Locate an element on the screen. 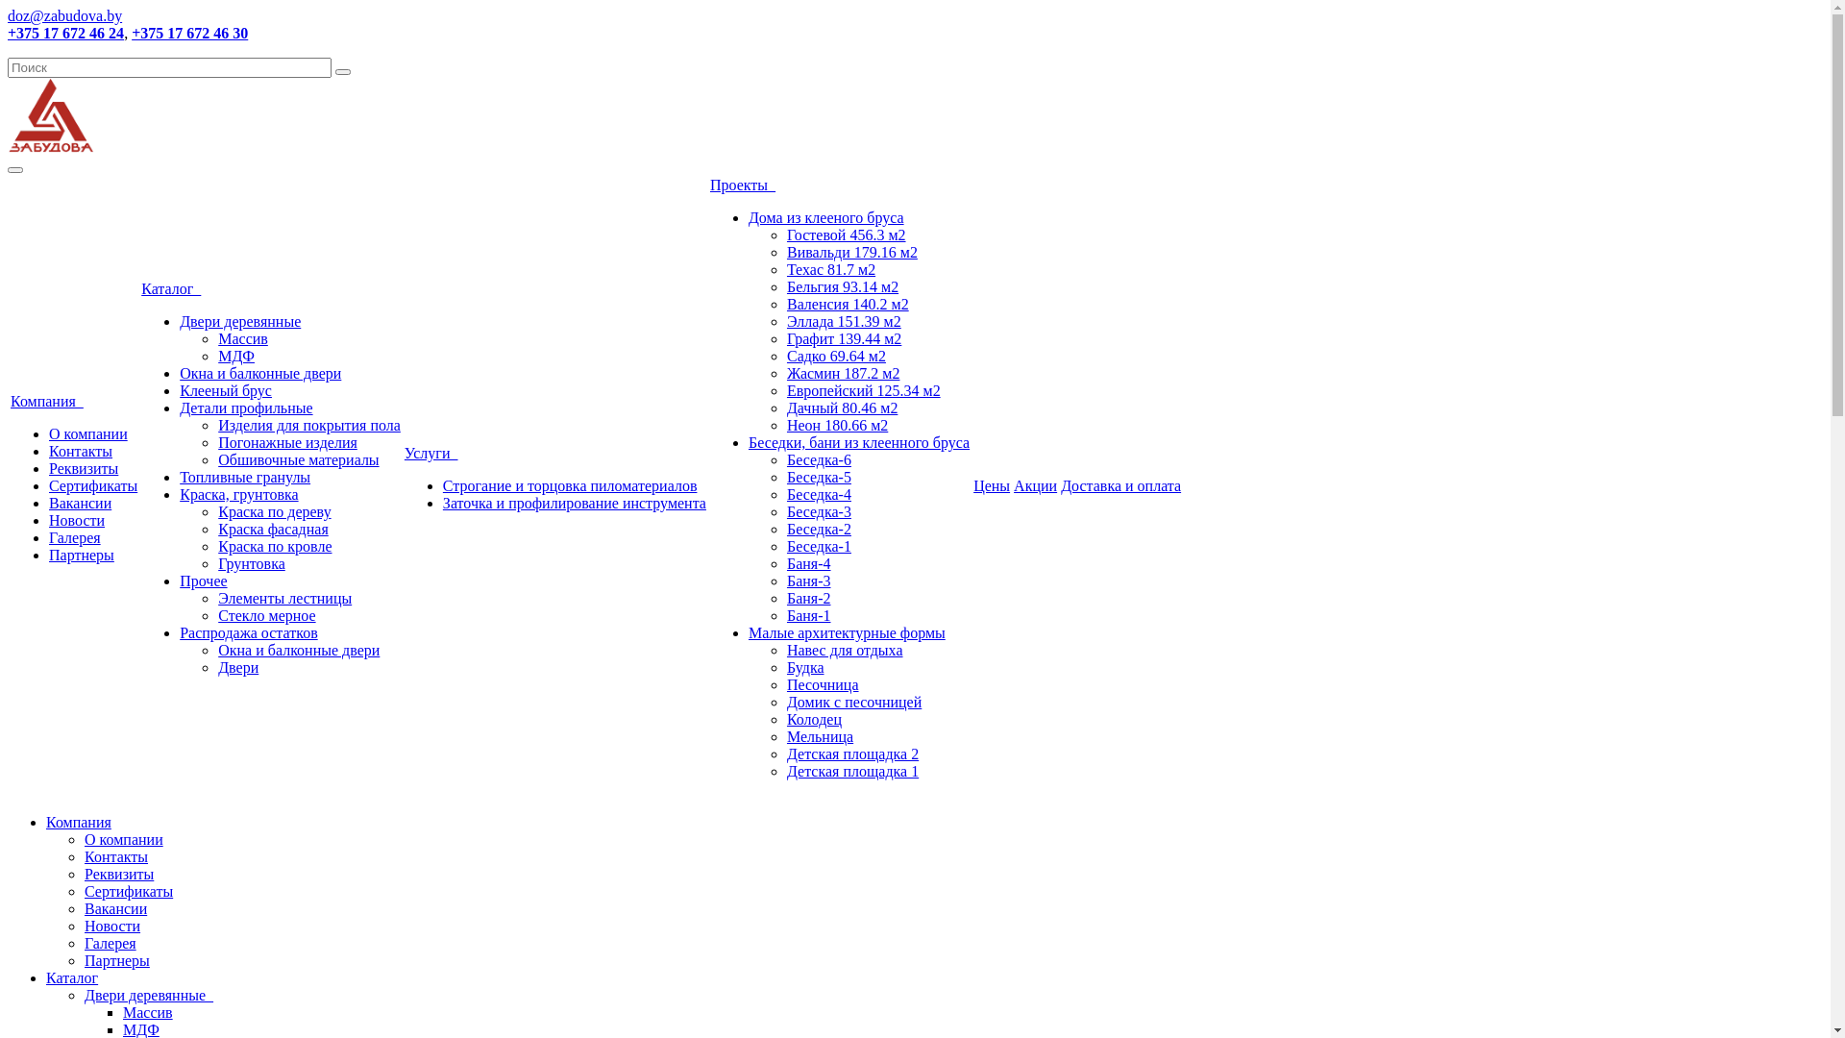  'logo.png' is located at coordinates (50, 114).